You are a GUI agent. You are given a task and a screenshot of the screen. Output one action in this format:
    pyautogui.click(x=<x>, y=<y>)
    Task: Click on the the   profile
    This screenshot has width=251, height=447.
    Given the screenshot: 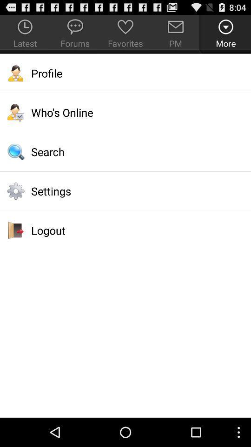 What is the action you would take?
    pyautogui.click(x=125, y=73)
    